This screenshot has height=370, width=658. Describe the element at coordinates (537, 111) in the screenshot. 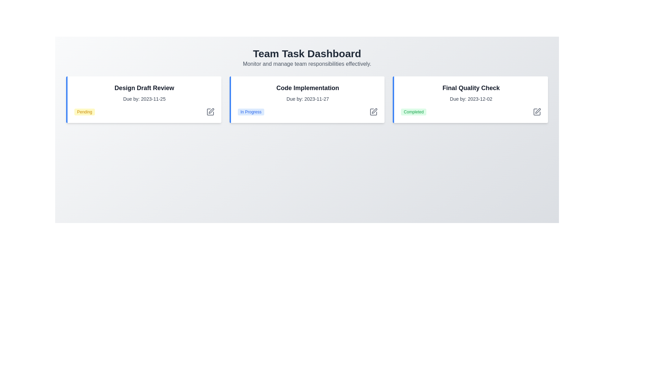

I see `the small, pencil-shaped icon with a gray stroke color located in the bottom-right corner of the 'Final Quality Check' card, adjacent to the green 'Completed' status badge` at that location.